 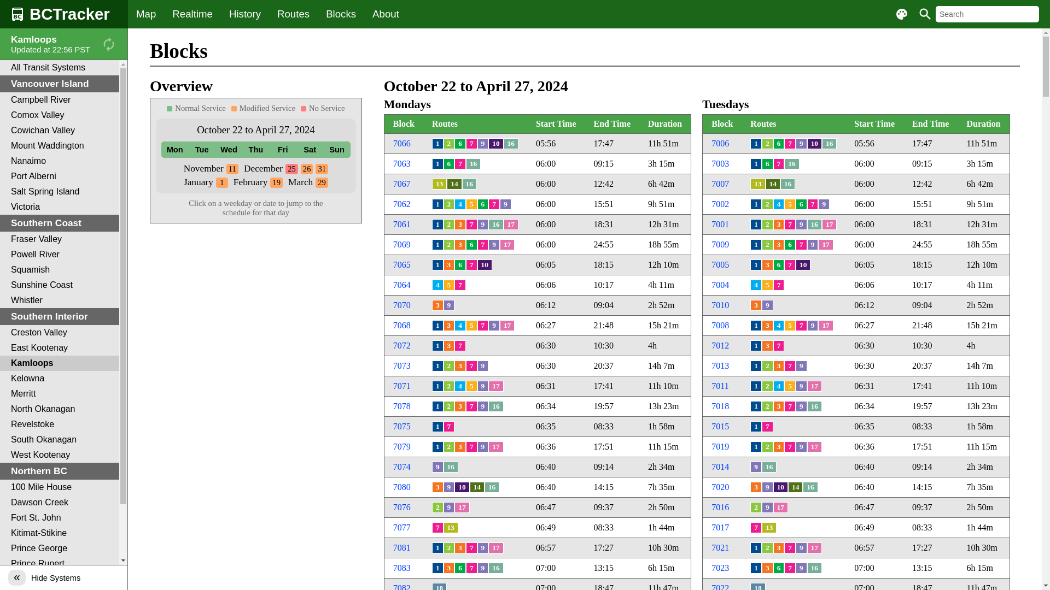 I want to click on 'Nanaimo', so click(x=59, y=161).